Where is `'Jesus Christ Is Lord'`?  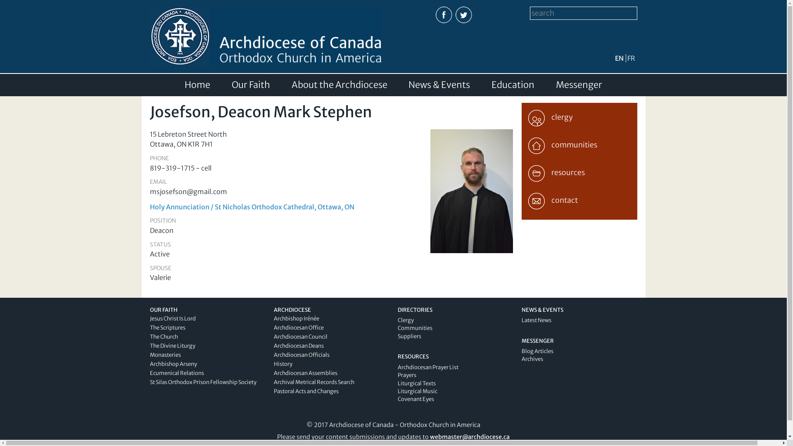 'Jesus Christ Is Lord' is located at coordinates (149, 318).